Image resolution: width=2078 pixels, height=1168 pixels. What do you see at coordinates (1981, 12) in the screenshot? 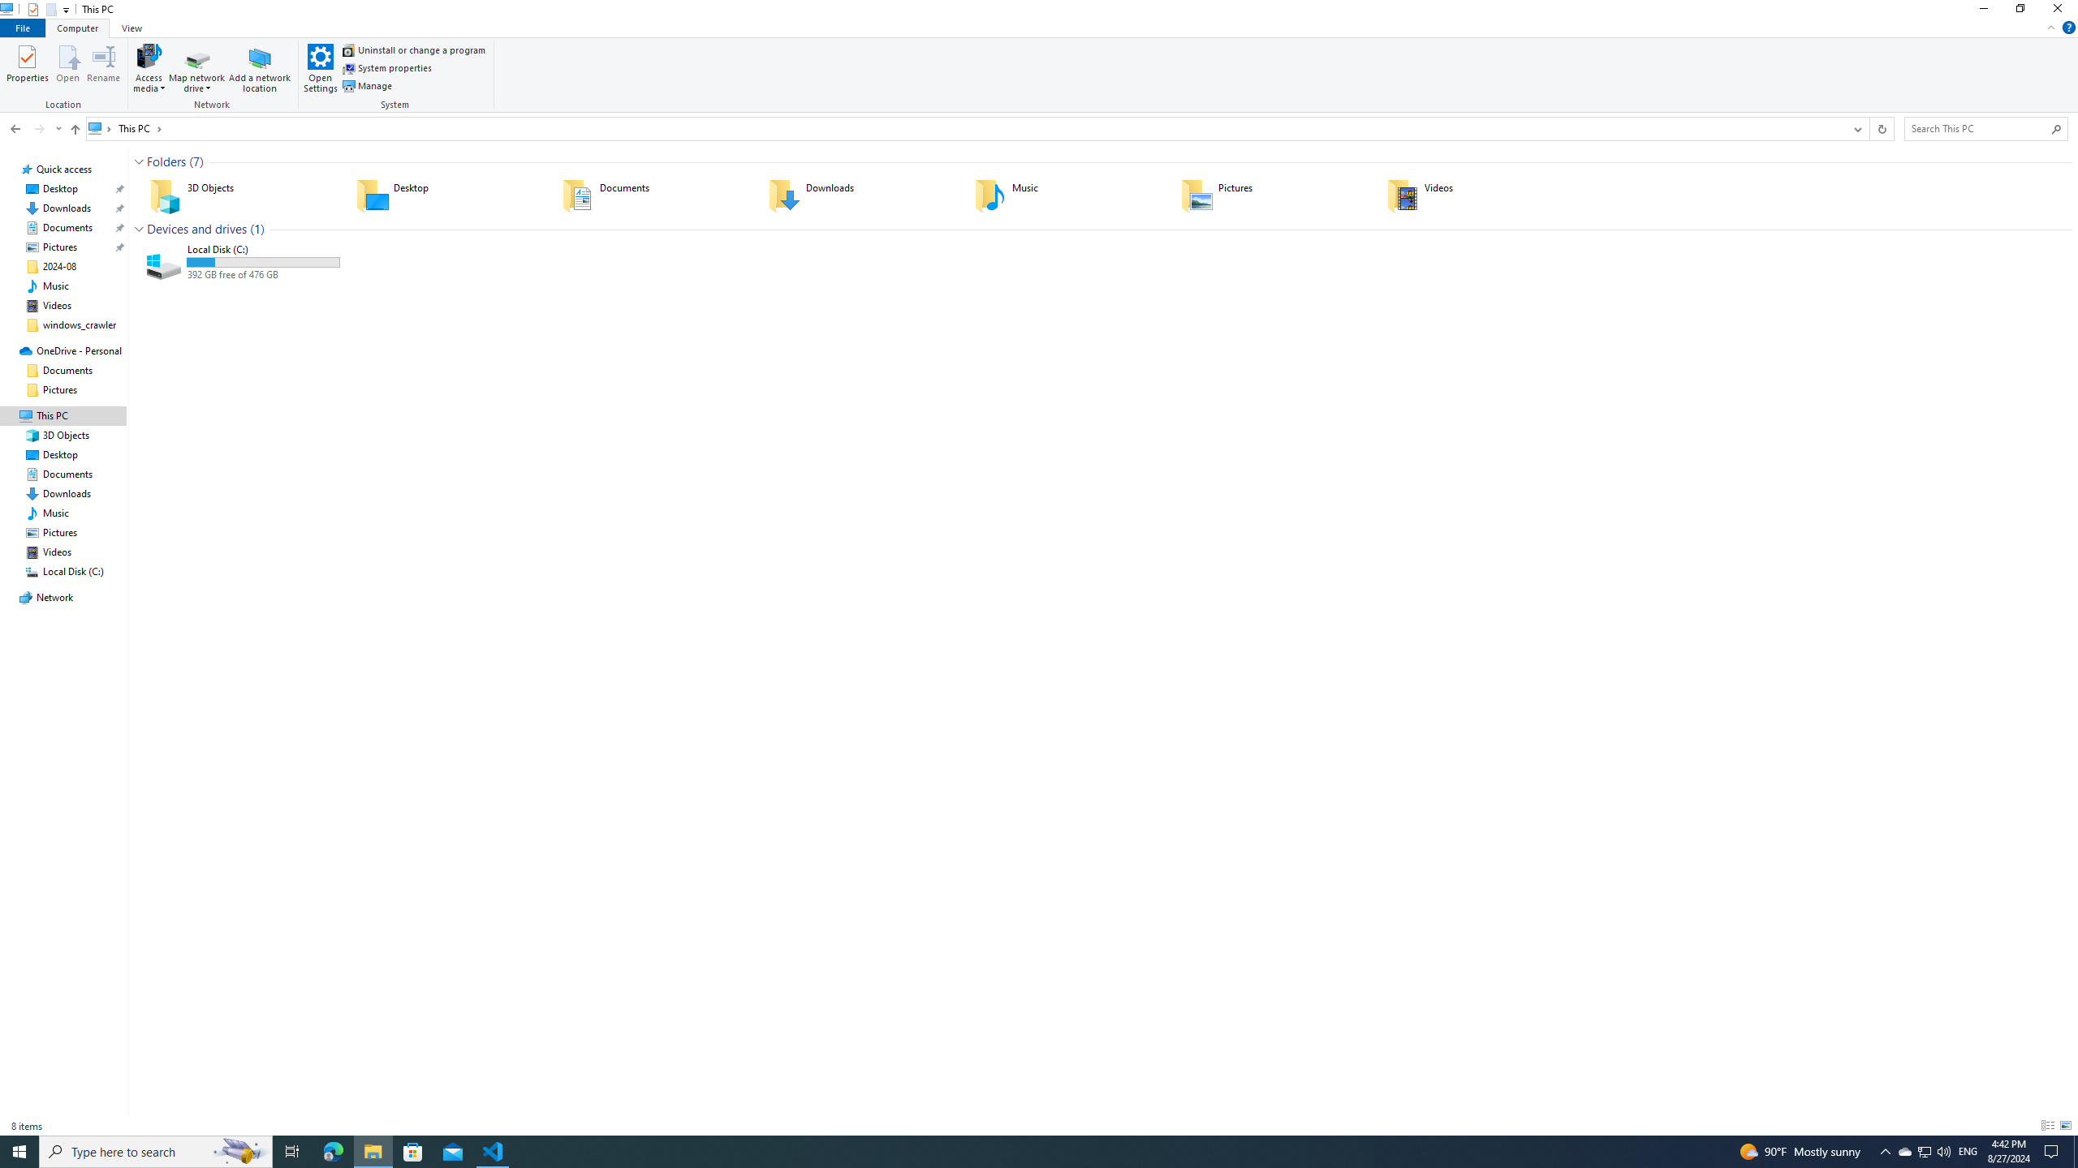
I see `'Minimize'` at bounding box center [1981, 12].